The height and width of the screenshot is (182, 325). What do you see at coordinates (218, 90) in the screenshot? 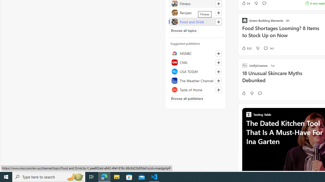
I see `'Follow this source'` at bounding box center [218, 90].